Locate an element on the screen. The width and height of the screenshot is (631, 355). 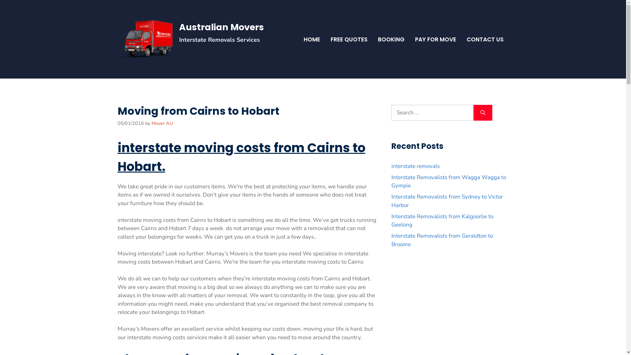
'Mover AU' is located at coordinates (151, 123).